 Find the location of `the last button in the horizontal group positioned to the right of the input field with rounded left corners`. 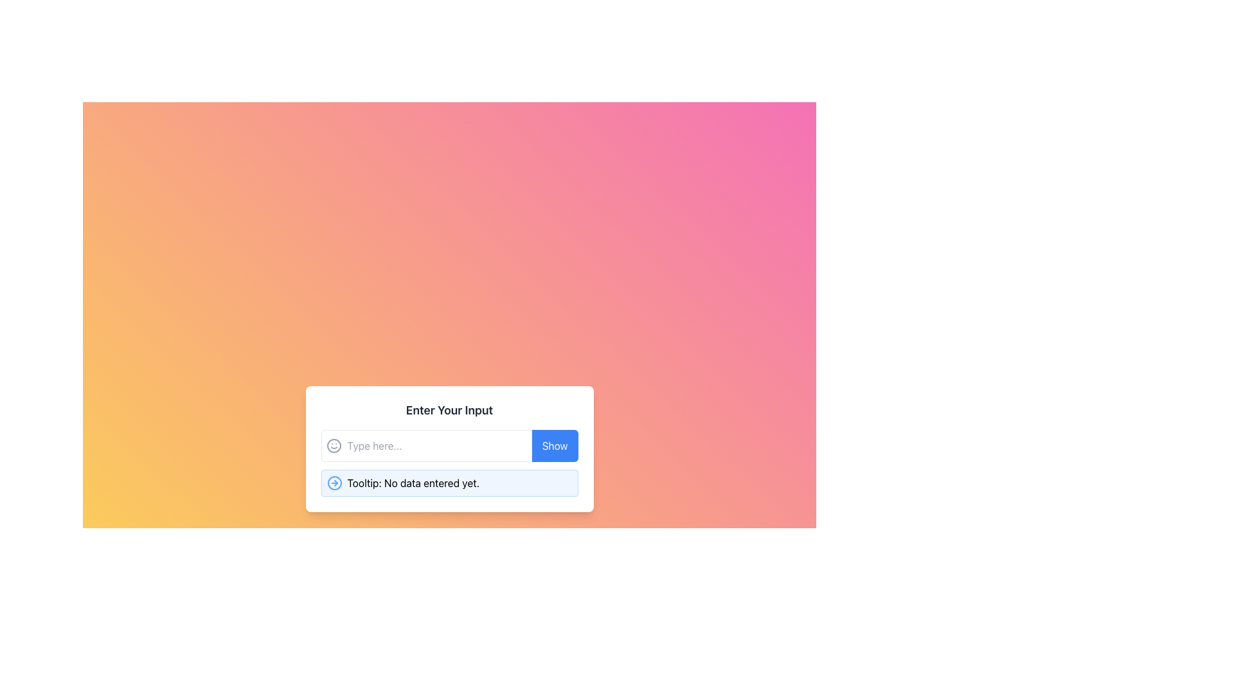

the last button in the horizontal group positioned to the right of the input field with rounded left corners is located at coordinates (555, 445).